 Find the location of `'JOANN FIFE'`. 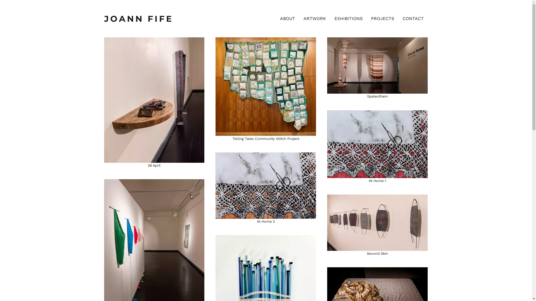

'JOANN FIFE' is located at coordinates (104, 18).